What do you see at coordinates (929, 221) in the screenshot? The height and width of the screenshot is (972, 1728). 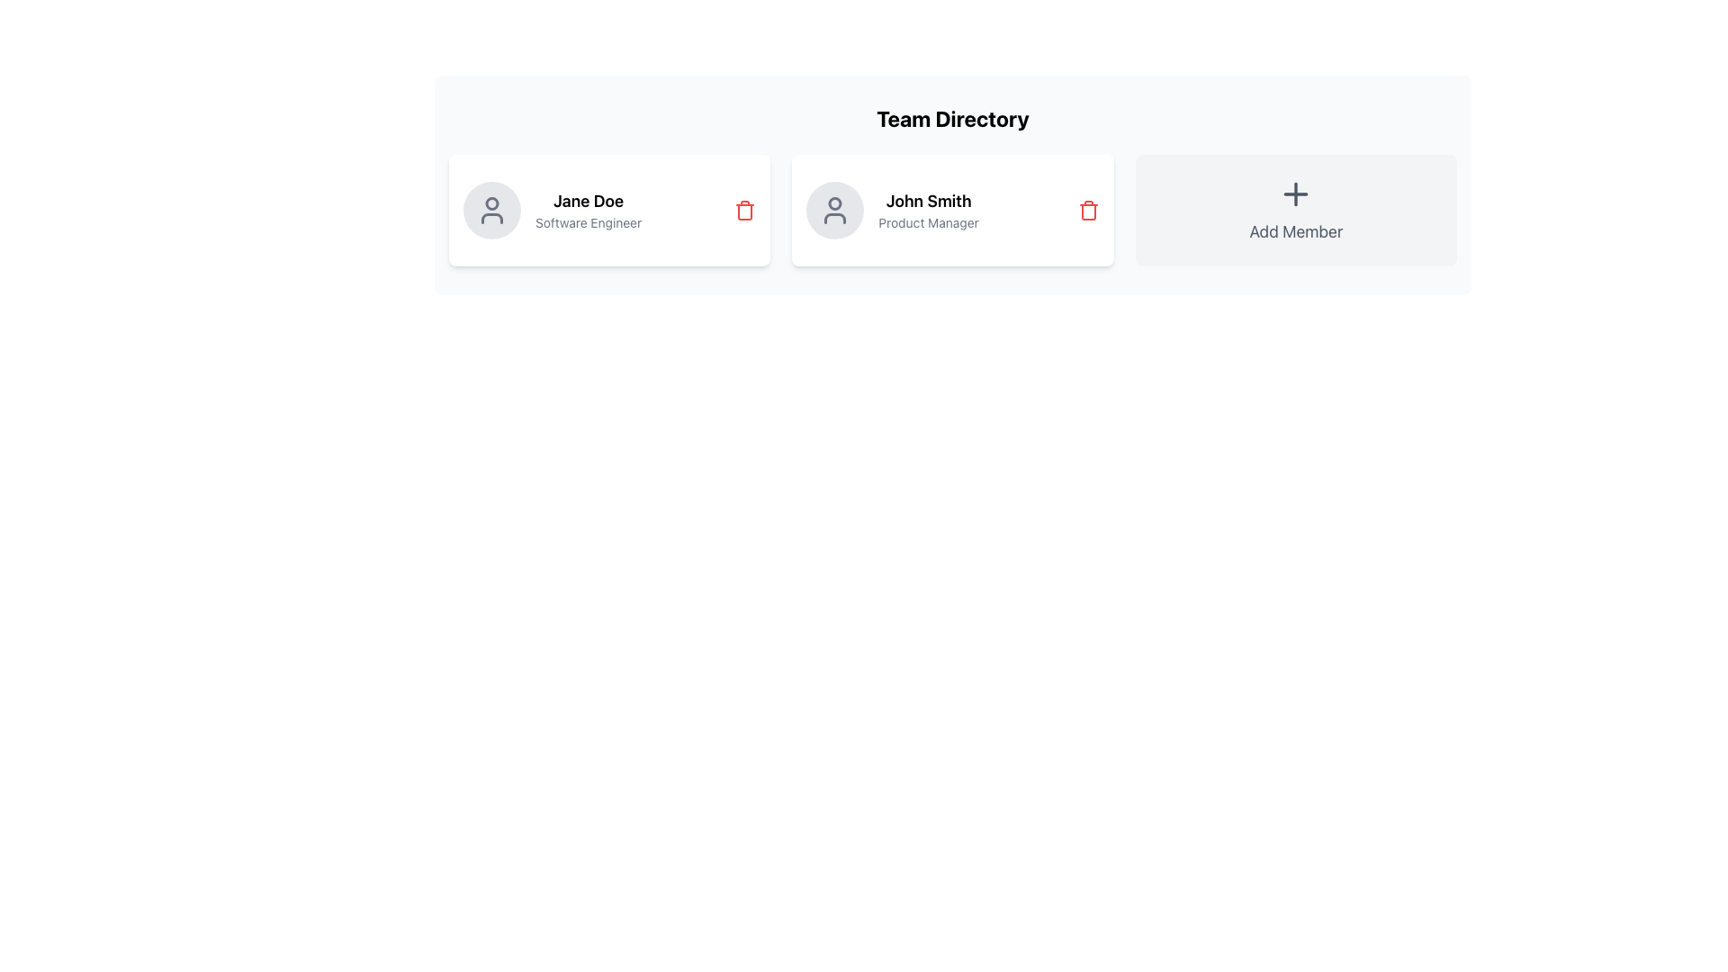 I see `text label that provides the role or title of John Smith in the central card of the 'Team Directory' section` at bounding box center [929, 221].